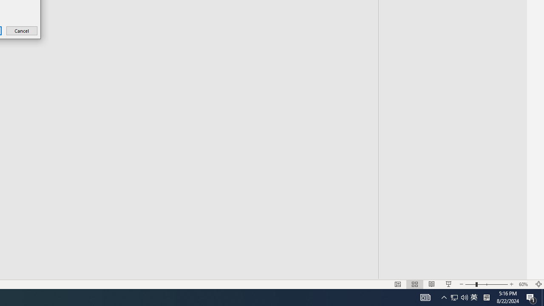 The width and height of the screenshot is (544, 306). Describe the element at coordinates (524, 284) in the screenshot. I see `'Zoom 60%'` at that location.